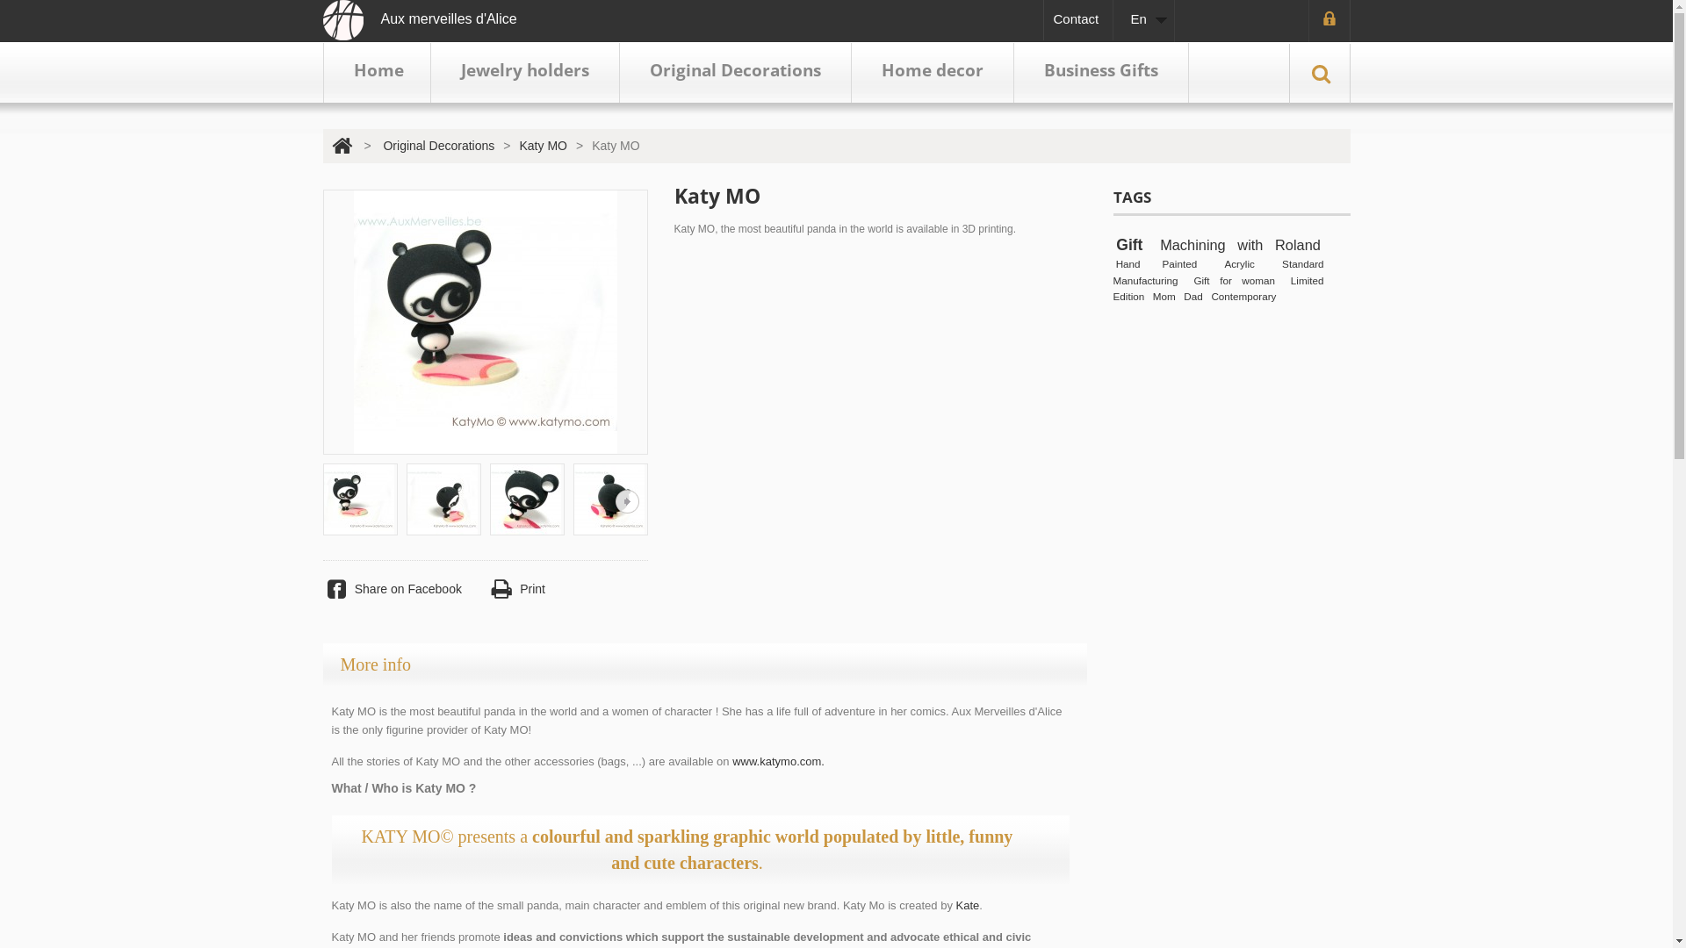 Image resolution: width=1686 pixels, height=948 pixels. I want to click on 'Original Decorations', so click(438, 144).